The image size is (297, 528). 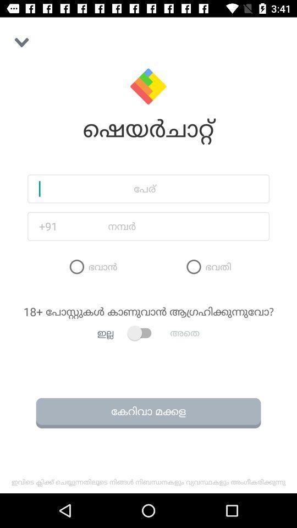 I want to click on the expand_more icon, so click(x=21, y=42).